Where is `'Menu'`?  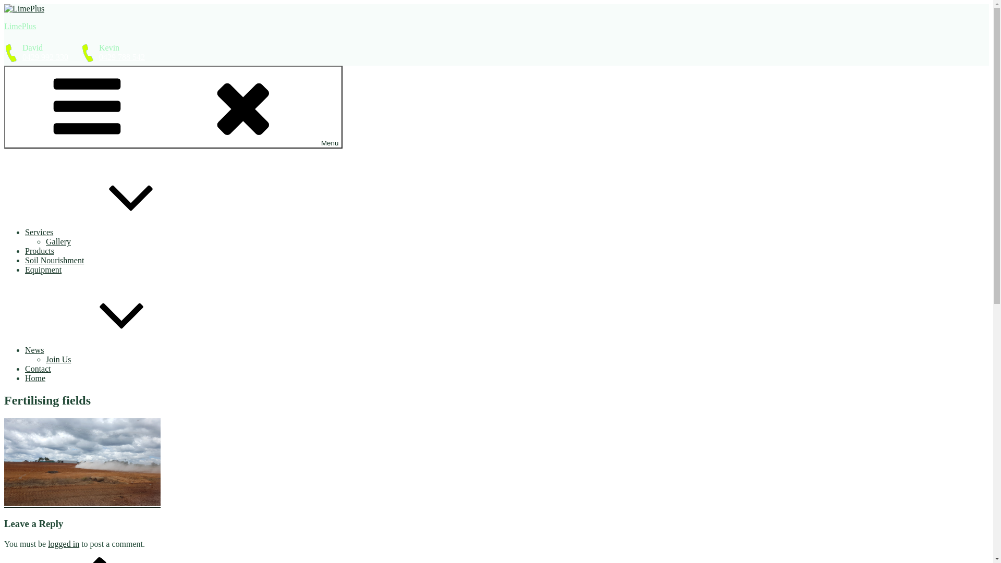
'Menu' is located at coordinates (173, 107).